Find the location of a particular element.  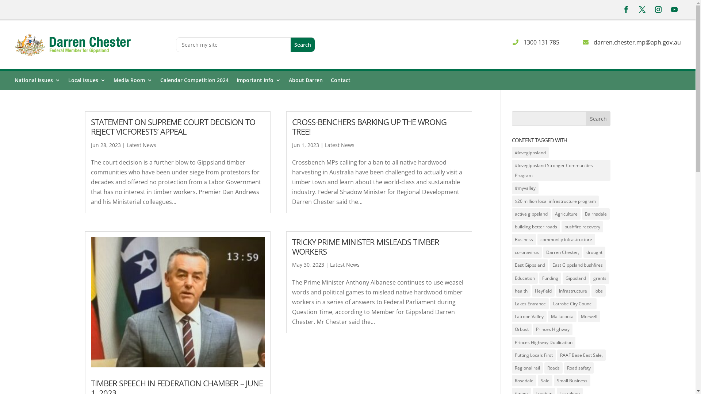

'Princes Highway' is located at coordinates (552, 329).